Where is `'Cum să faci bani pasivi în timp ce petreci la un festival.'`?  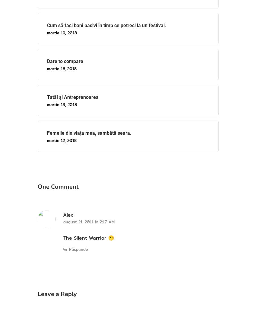
'Cum să faci bani pasivi în timp ce petreci la un festival.' is located at coordinates (106, 25).